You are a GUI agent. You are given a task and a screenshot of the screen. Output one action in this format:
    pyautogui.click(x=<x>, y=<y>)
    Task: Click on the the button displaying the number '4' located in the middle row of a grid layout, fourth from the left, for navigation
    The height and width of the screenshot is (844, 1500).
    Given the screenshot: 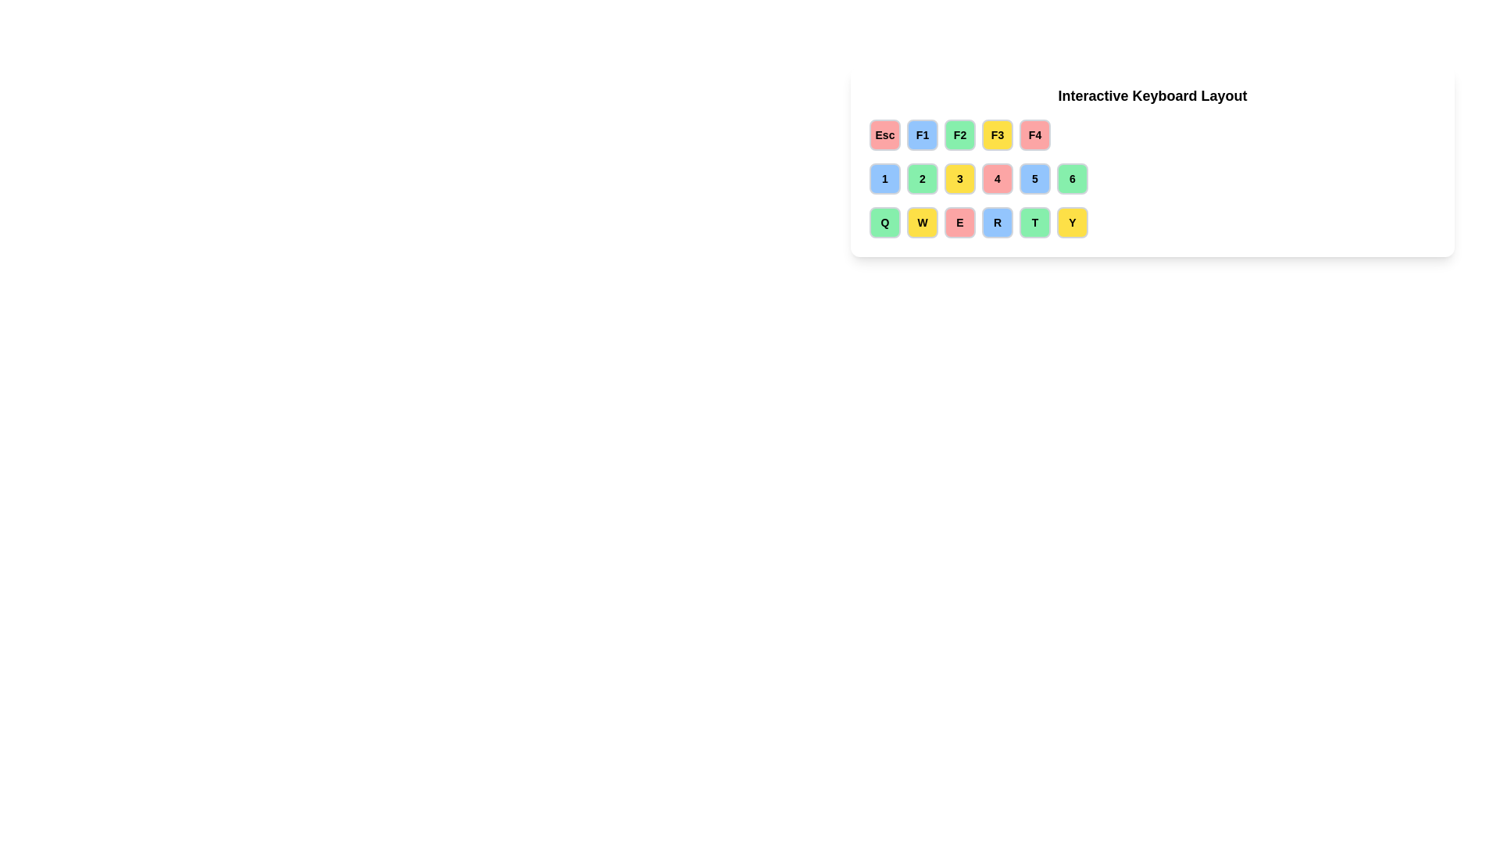 What is the action you would take?
    pyautogui.click(x=996, y=177)
    